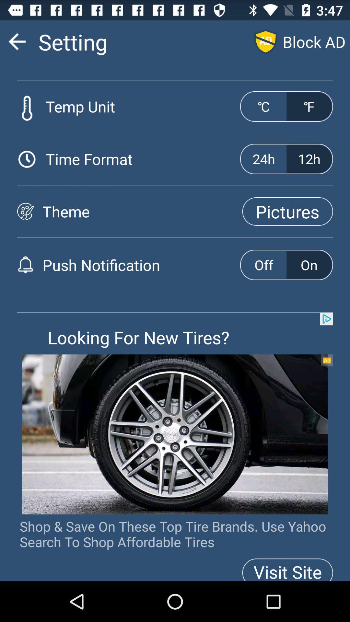 This screenshot has height=622, width=350. I want to click on the arrow_backward icon, so click(17, 44).